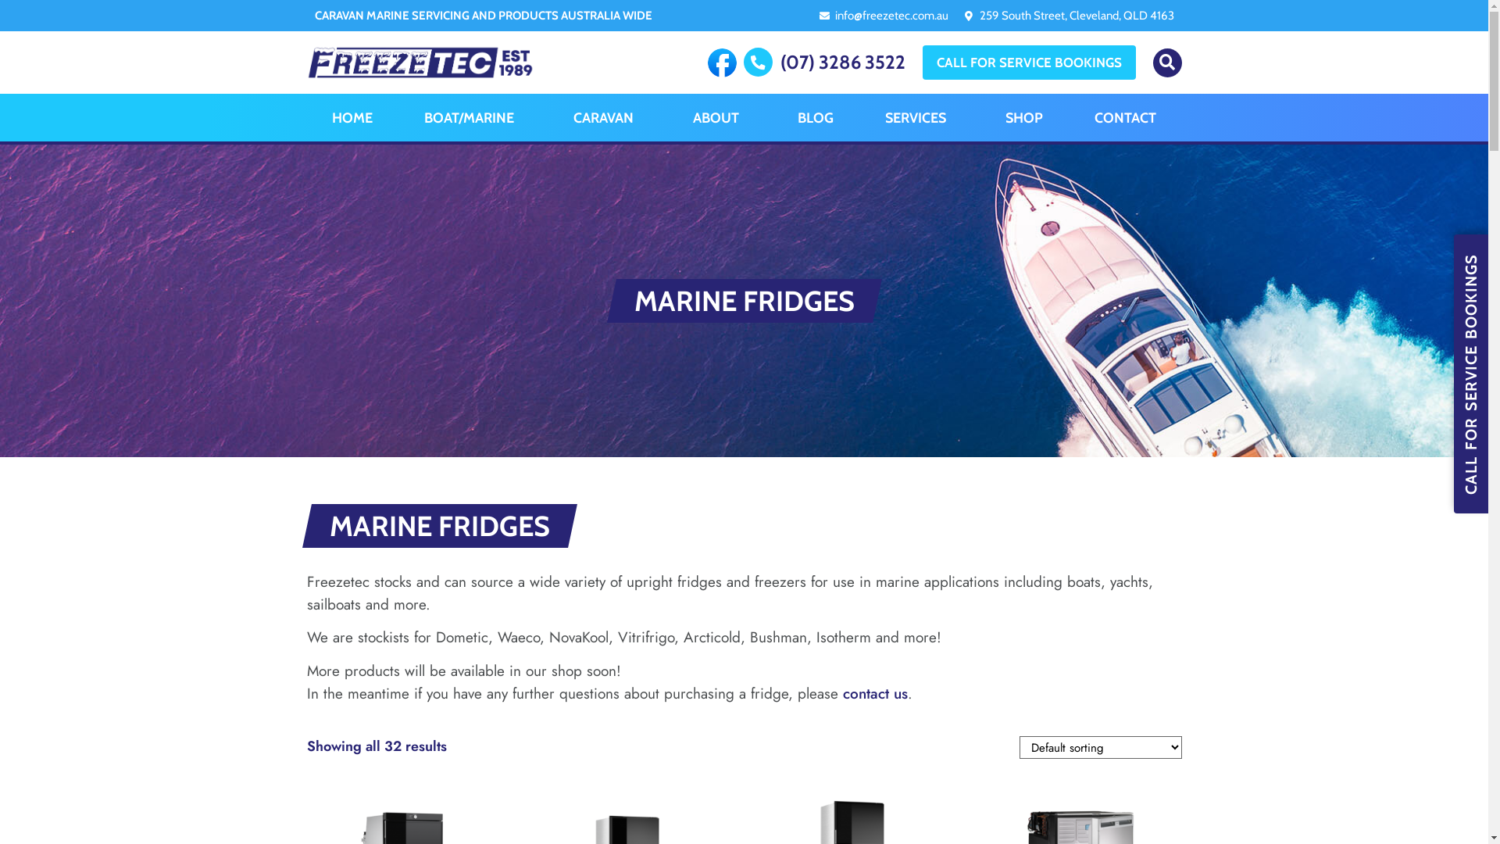 The image size is (1500, 844). What do you see at coordinates (873, 692) in the screenshot?
I see `'contact us'` at bounding box center [873, 692].